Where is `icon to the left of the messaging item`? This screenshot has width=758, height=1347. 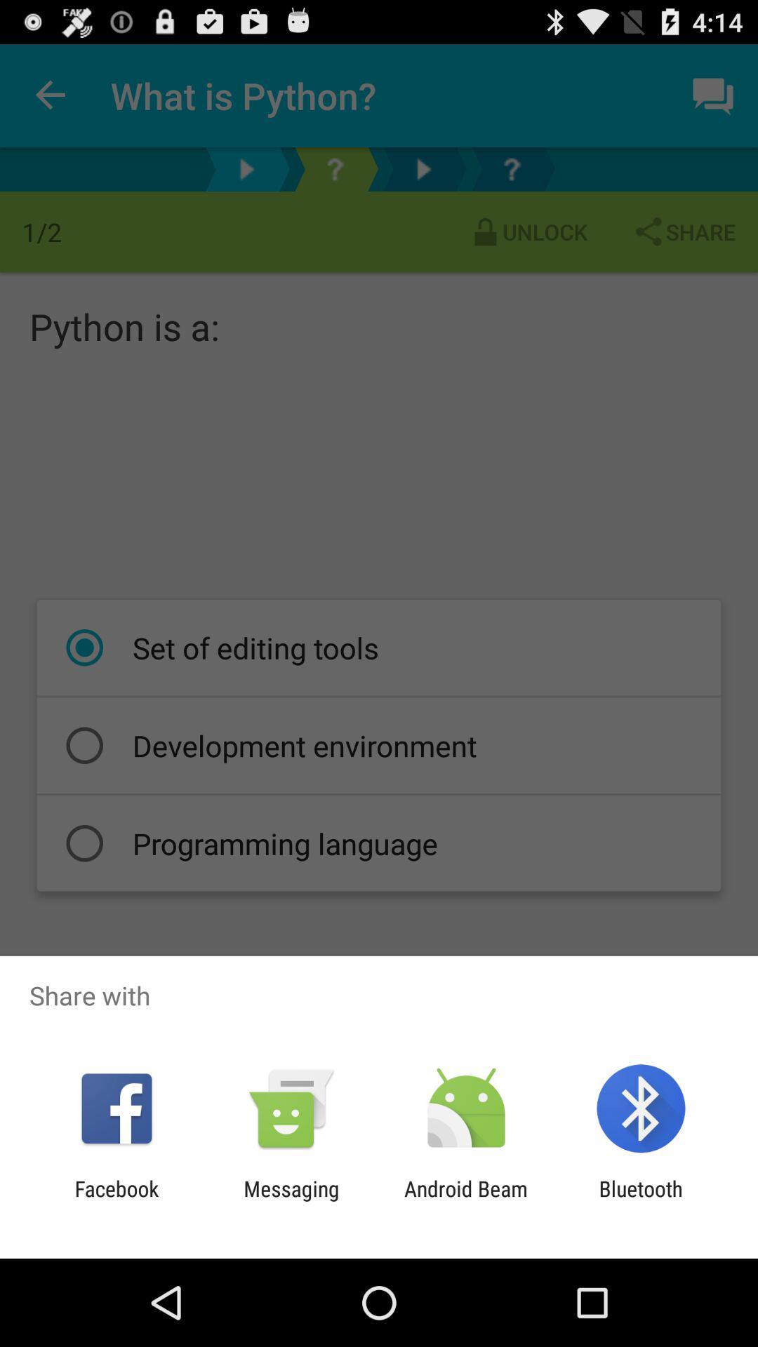
icon to the left of the messaging item is located at coordinates (116, 1200).